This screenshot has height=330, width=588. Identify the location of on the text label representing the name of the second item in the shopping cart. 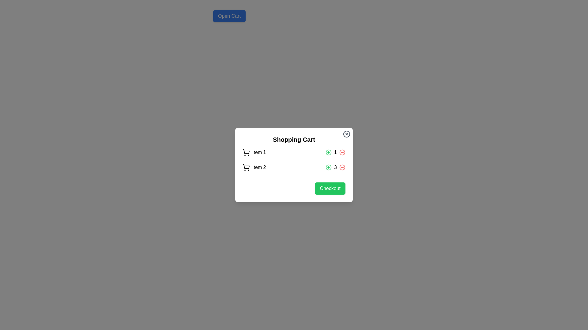
(254, 167).